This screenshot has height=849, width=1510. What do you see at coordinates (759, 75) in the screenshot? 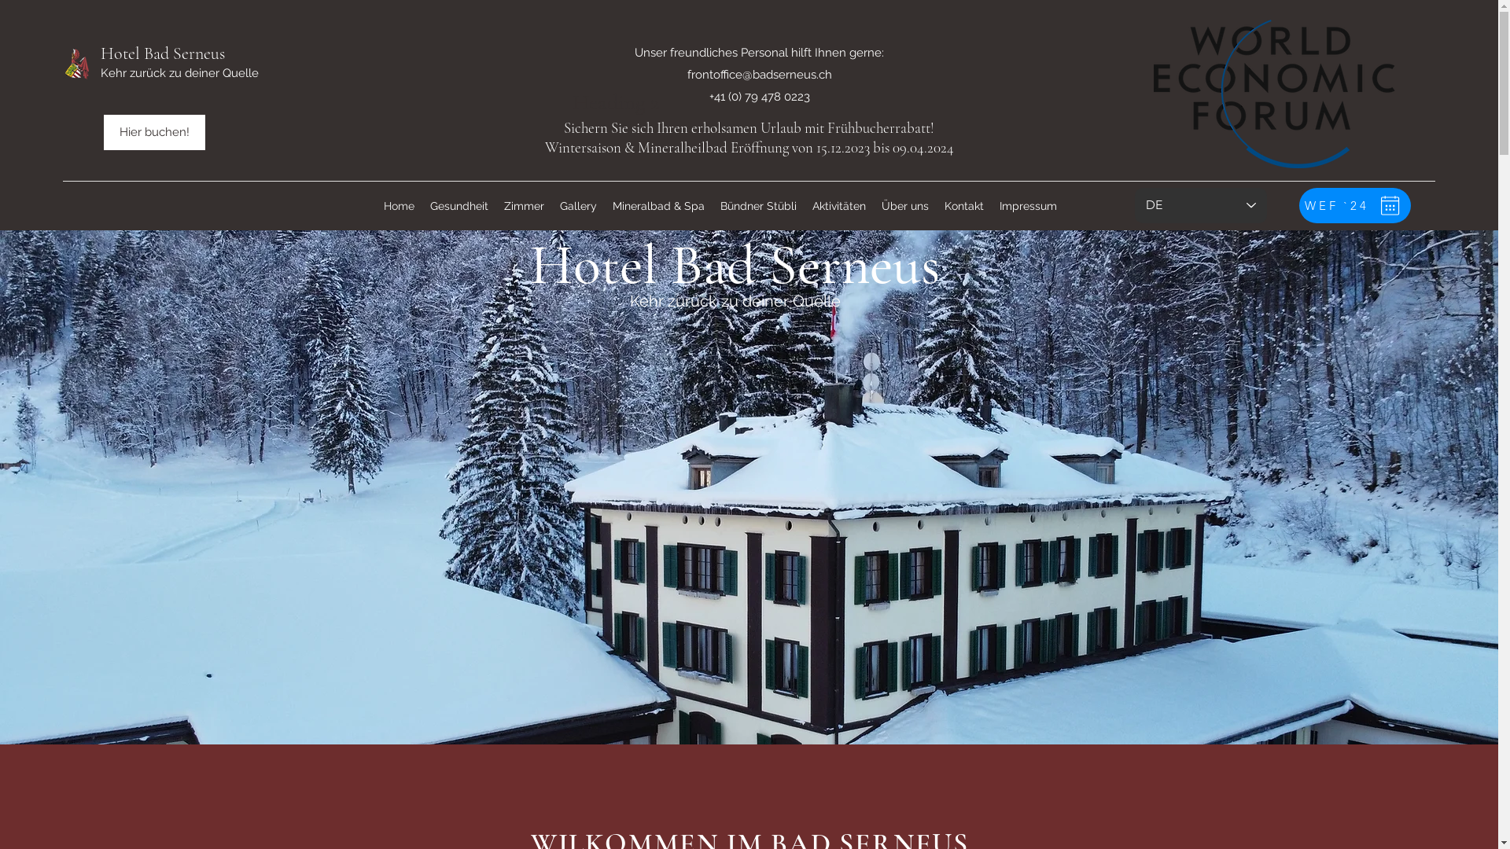
I see `'frontoffice@badserneus.ch'` at bounding box center [759, 75].